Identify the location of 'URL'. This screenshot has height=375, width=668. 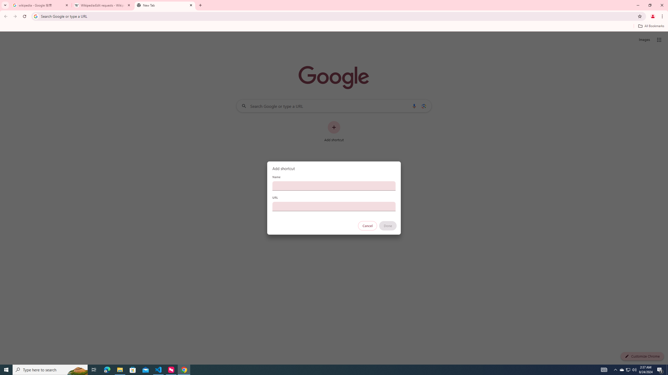
(334, 206).